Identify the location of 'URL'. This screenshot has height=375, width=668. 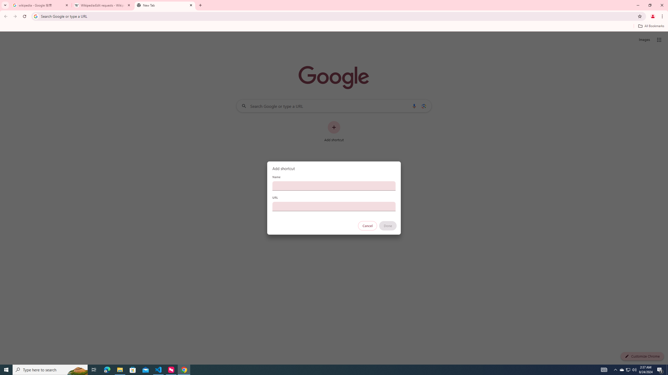
(334, 206).